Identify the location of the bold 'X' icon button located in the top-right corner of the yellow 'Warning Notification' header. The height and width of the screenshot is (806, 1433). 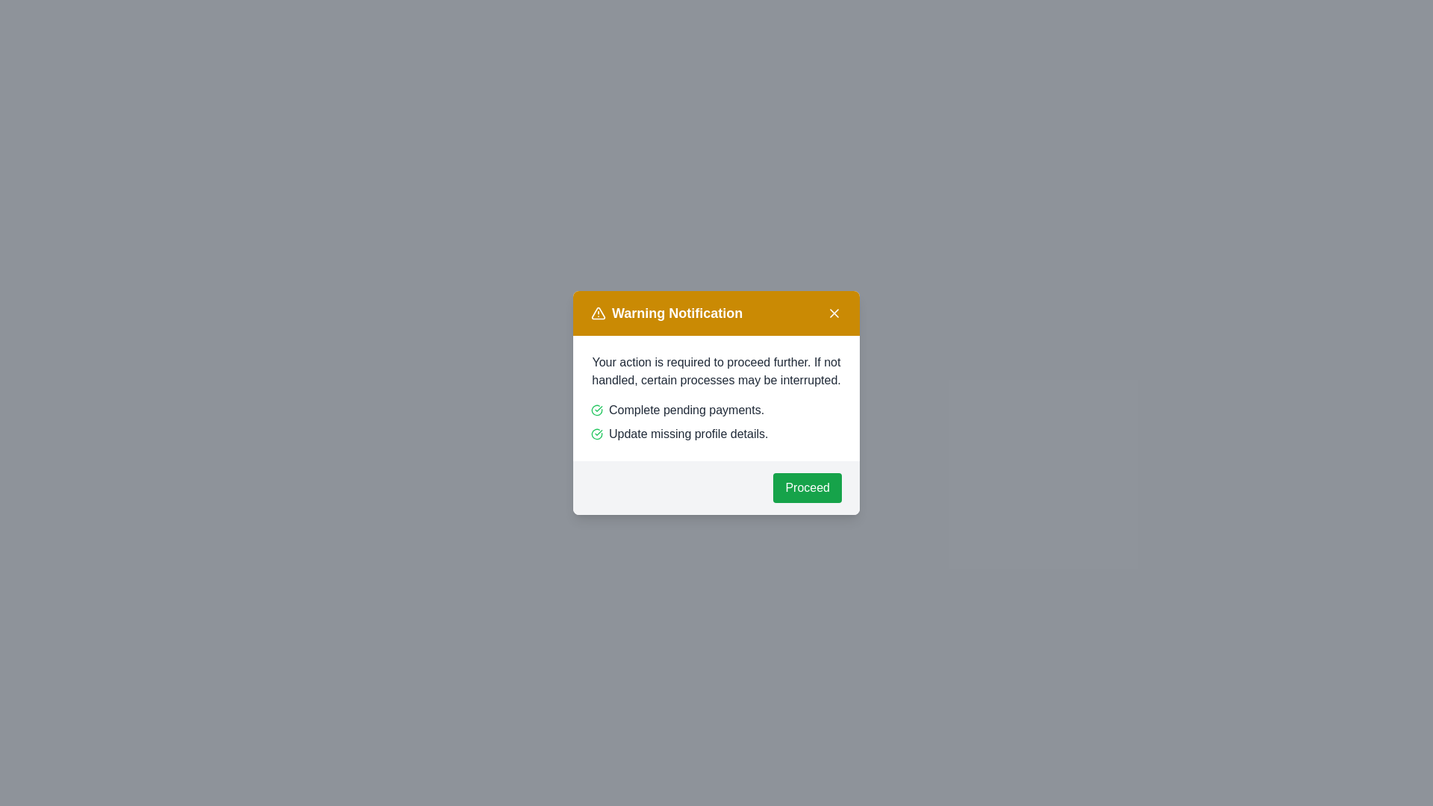
(834, 313).